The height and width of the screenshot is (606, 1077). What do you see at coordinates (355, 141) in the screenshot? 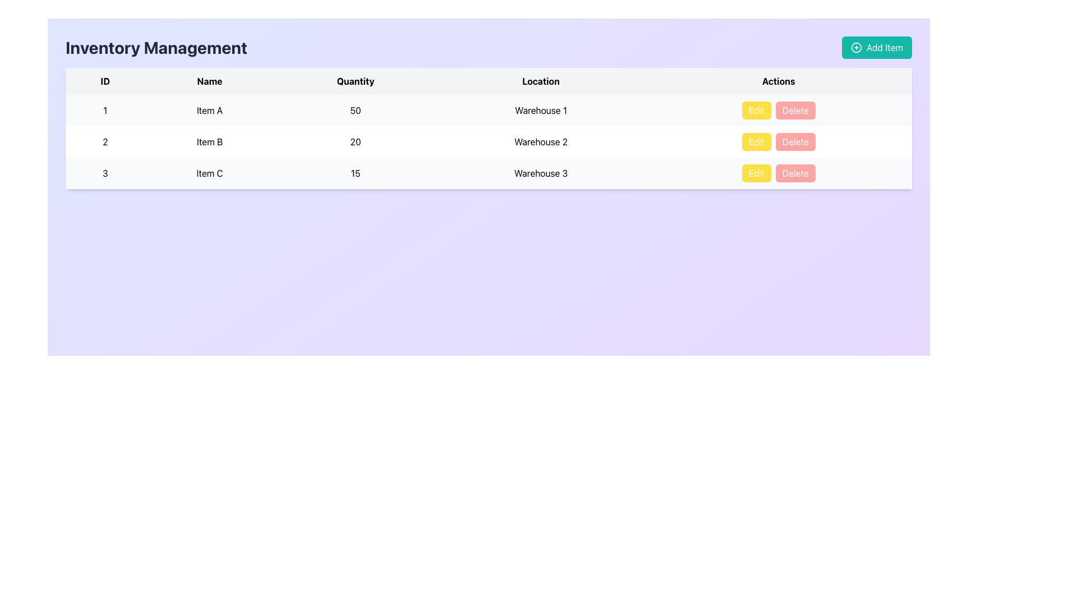
I see `the centered number '20' in the 'Quantity' column of the table, which represents the quantity for 'Item B'` at bounding box center [355, 141].